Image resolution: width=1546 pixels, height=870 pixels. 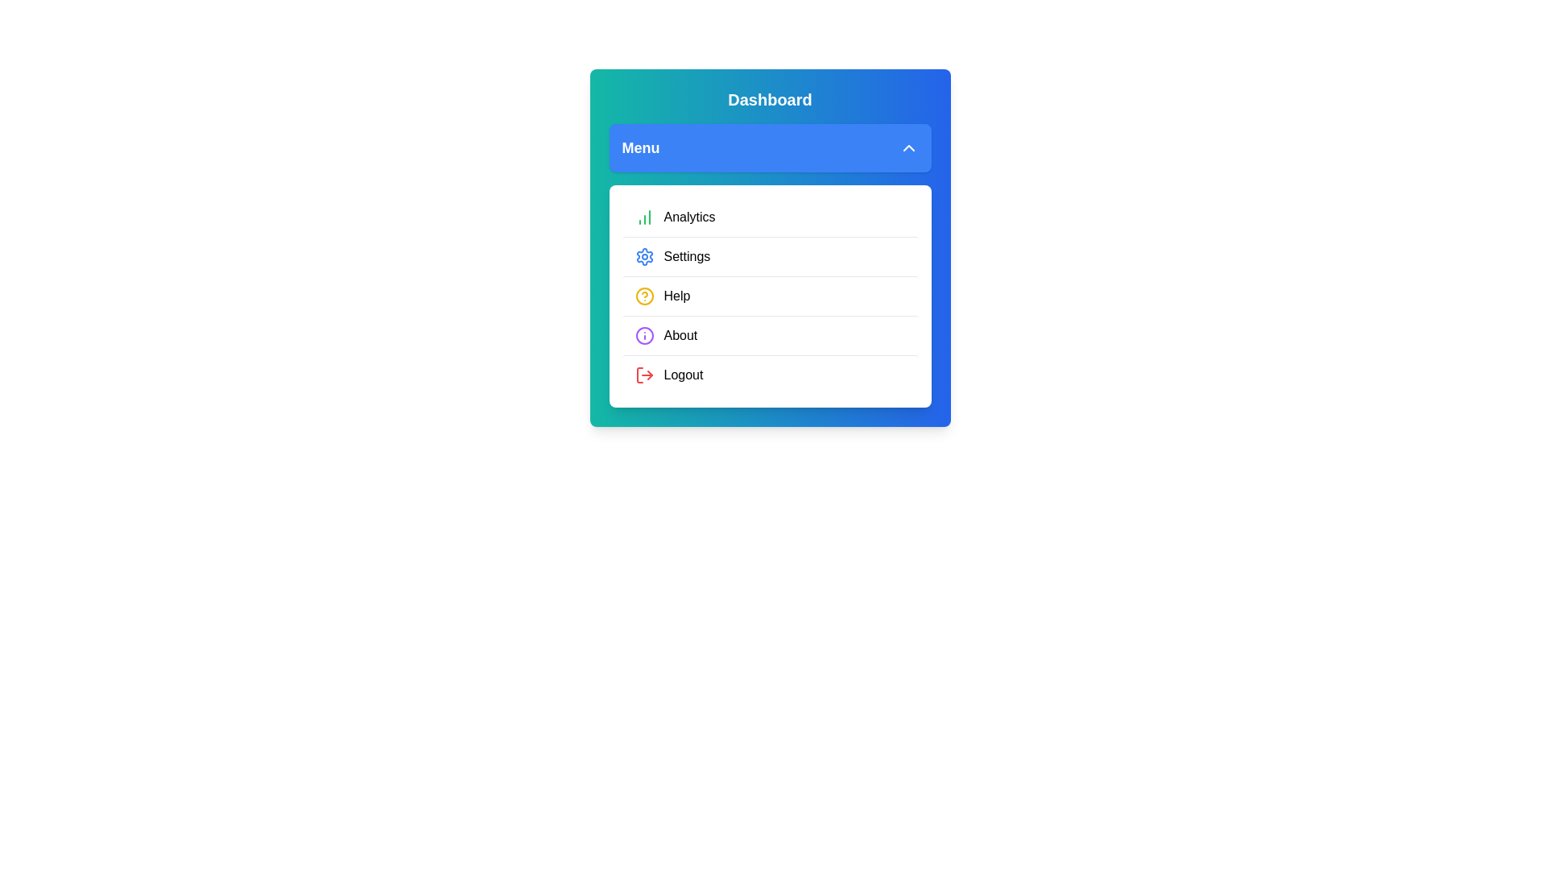 I want to click on the 'About' menu option located fourth from the top in the vertical menu, positioned below 'Help' and above 'Logout', so click(x=769, y=334).